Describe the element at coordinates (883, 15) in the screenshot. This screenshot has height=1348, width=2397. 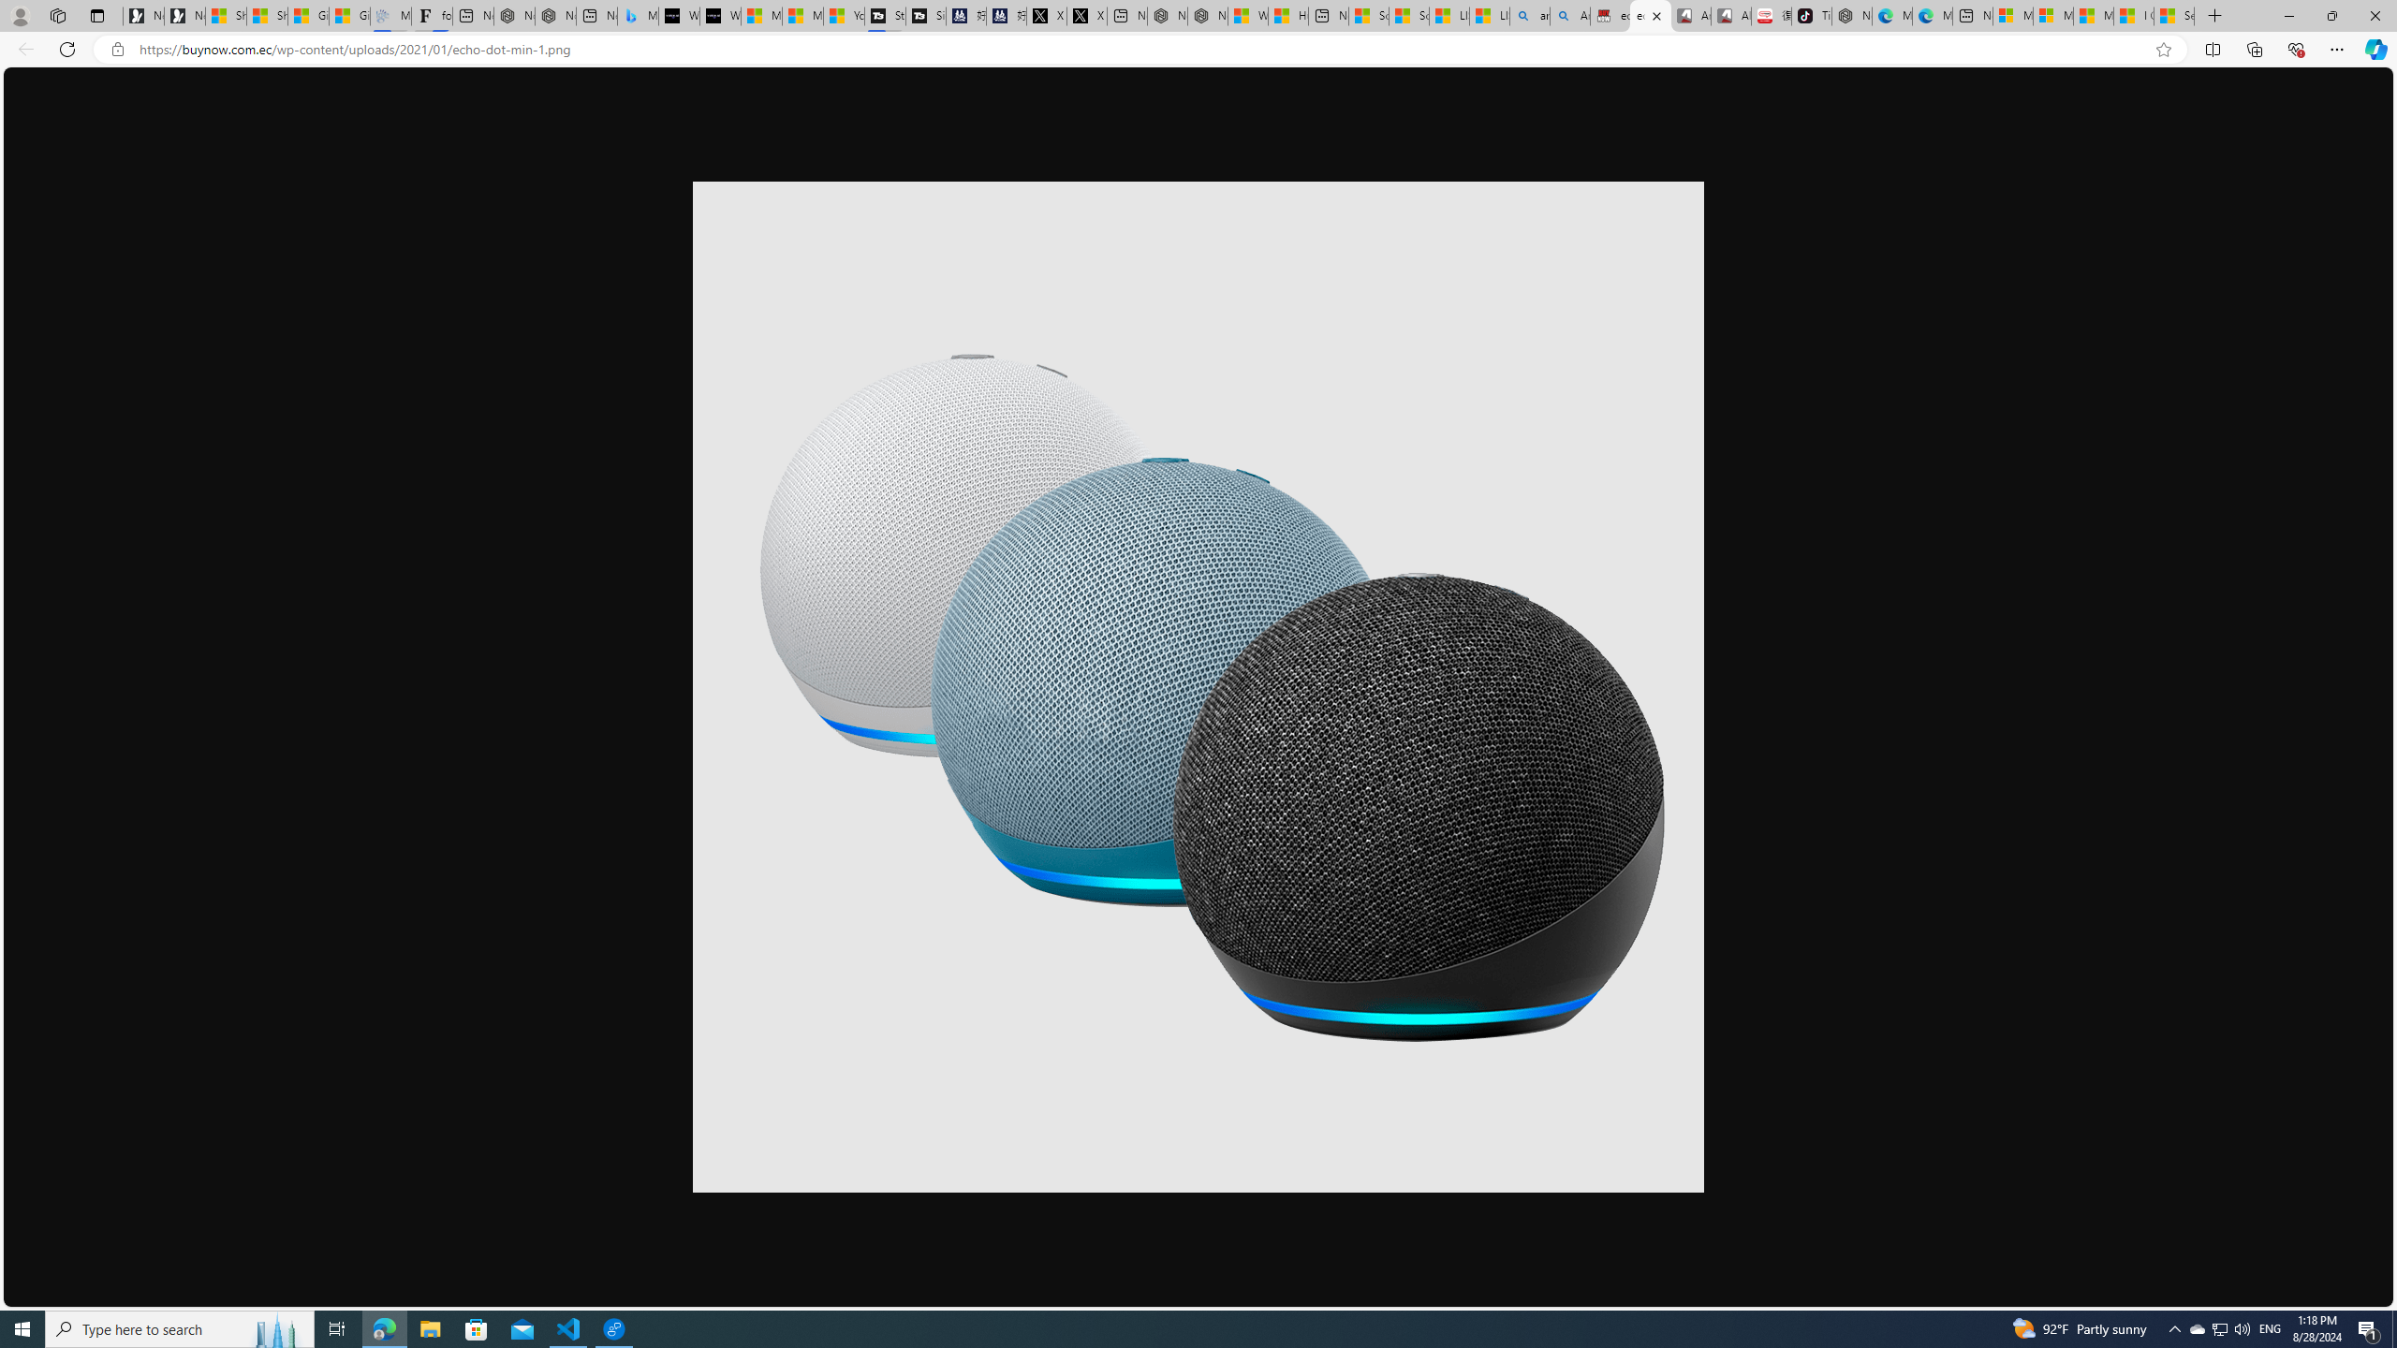
I see `'Streaming Coverage | T3'` at that location.